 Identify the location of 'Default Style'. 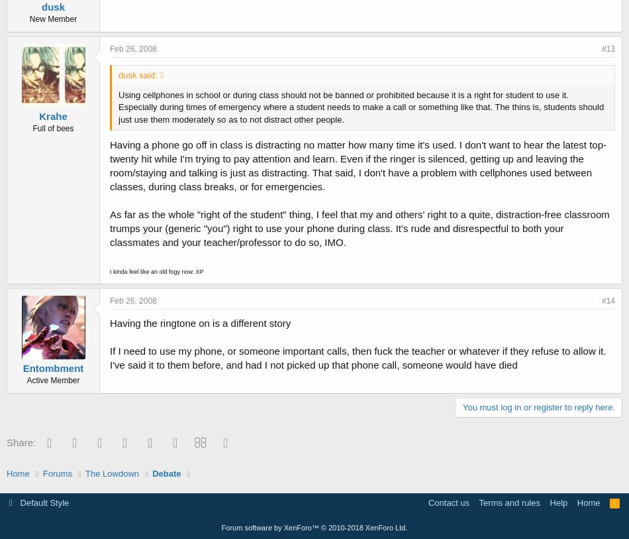
(43, 503).